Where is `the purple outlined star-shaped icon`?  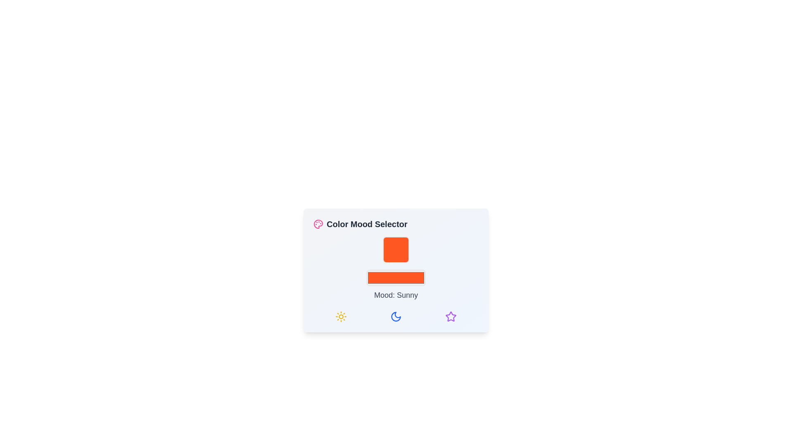 the purple outlined star-shaped icon is located at coordinates (451, 316).